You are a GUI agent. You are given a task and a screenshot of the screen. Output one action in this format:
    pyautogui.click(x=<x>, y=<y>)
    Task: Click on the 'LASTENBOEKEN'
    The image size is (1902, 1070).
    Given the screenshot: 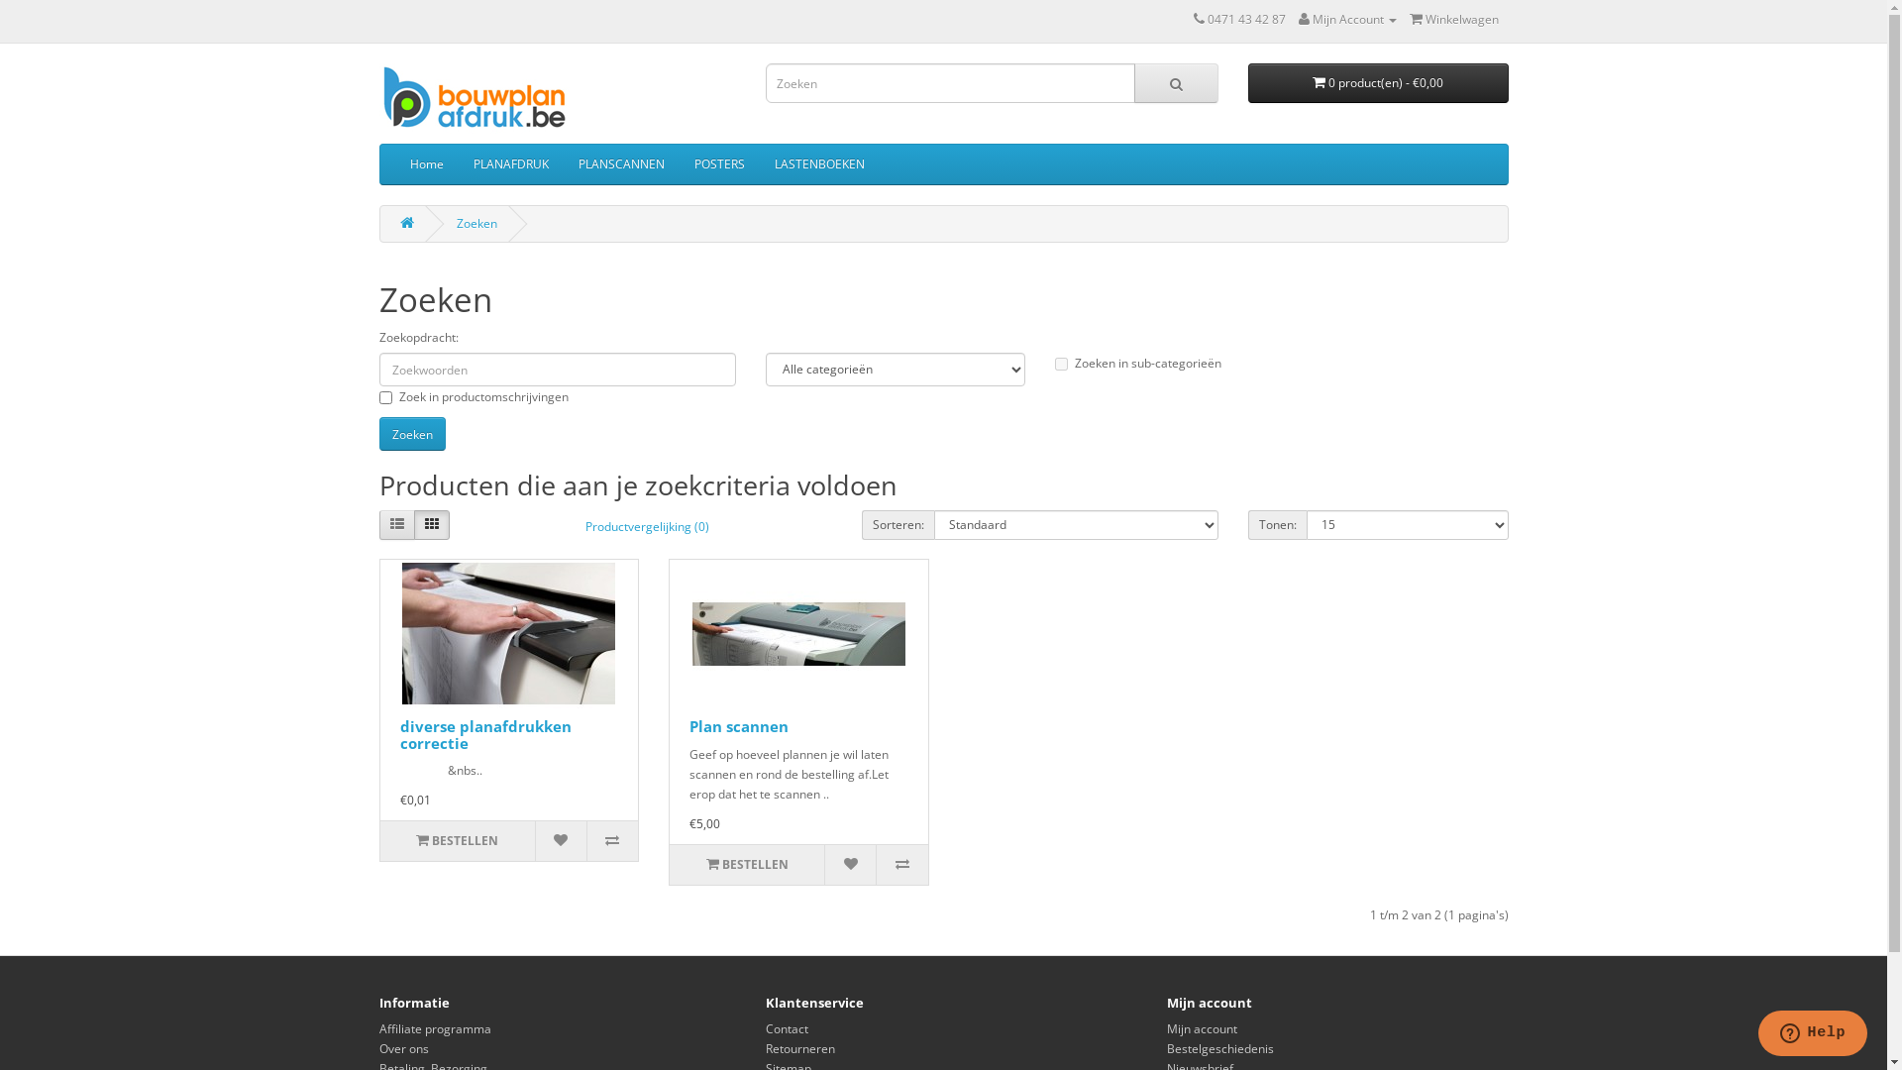 What is the action you would take?
    pyautogui.click(x=758, y=162)
    